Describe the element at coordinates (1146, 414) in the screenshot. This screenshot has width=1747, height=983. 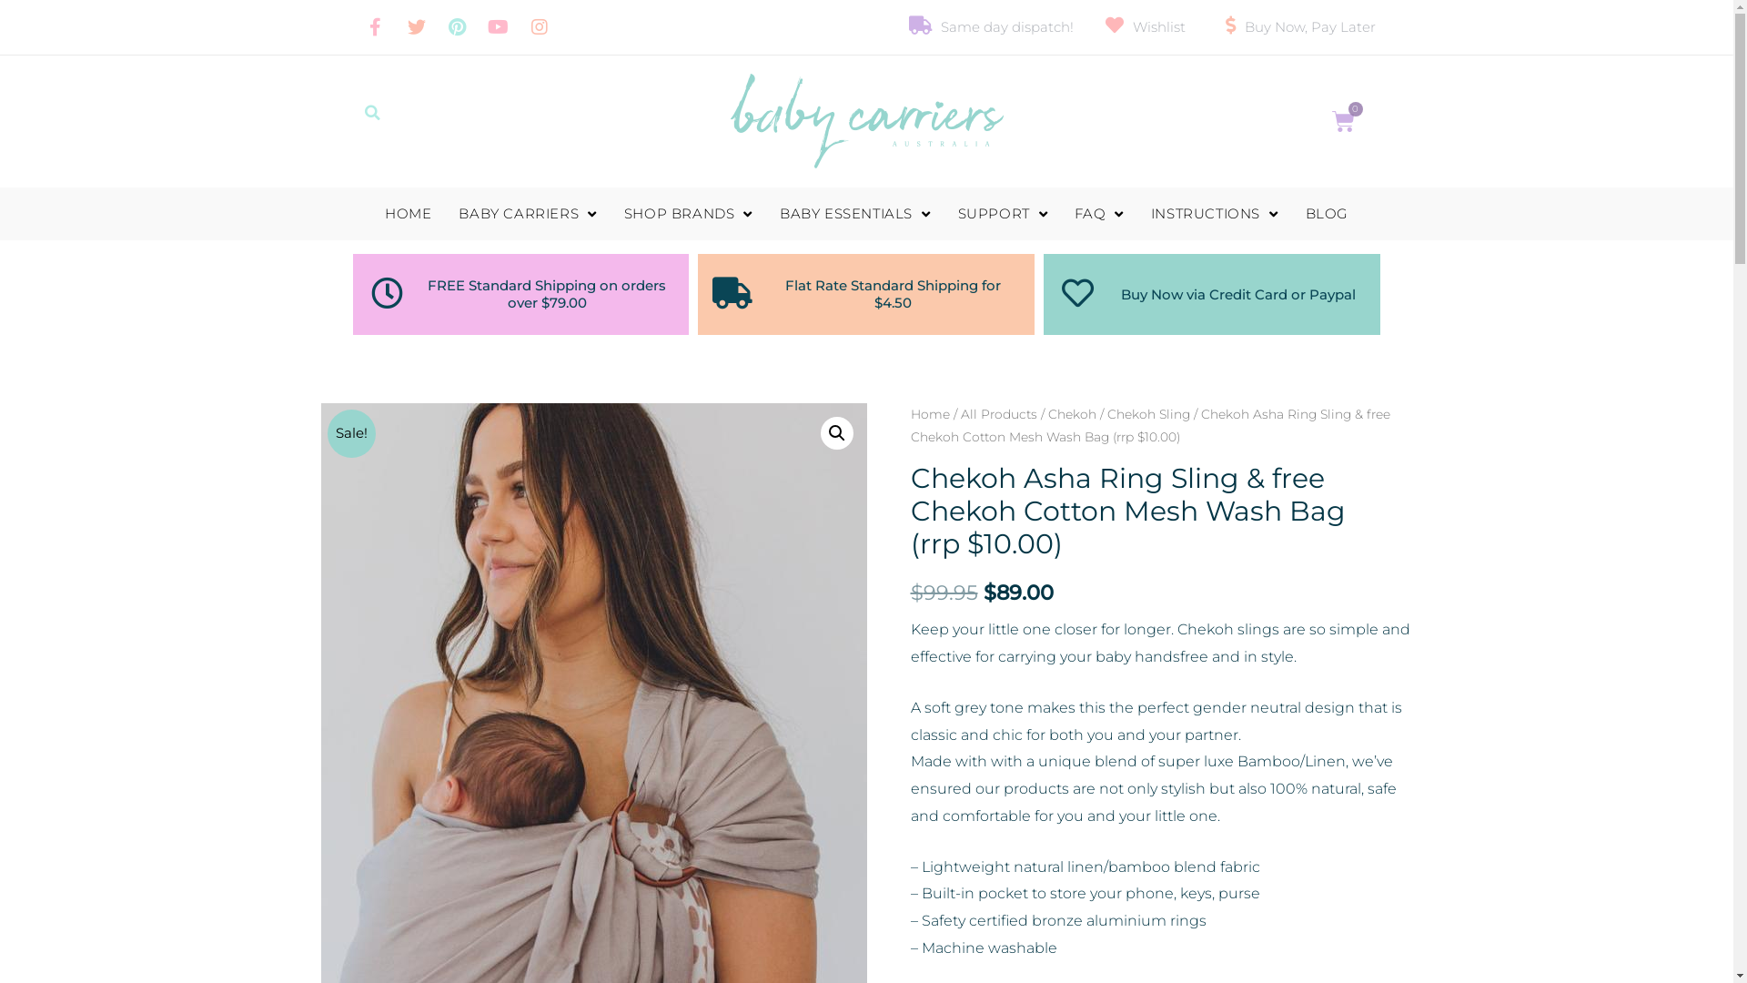
I see `'Chekoh Sling'` at that location.